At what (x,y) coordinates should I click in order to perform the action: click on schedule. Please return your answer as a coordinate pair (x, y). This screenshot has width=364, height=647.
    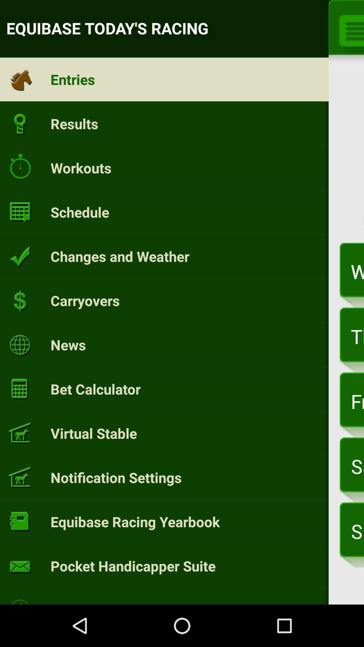
    Looking at the image, I should click on (79, 212).